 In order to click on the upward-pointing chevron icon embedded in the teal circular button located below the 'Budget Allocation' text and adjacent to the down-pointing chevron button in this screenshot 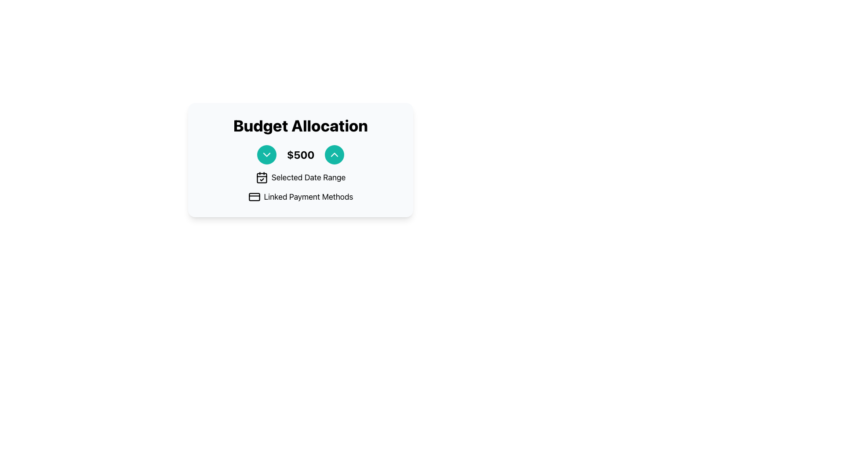, I will do `click(334, 154)`.